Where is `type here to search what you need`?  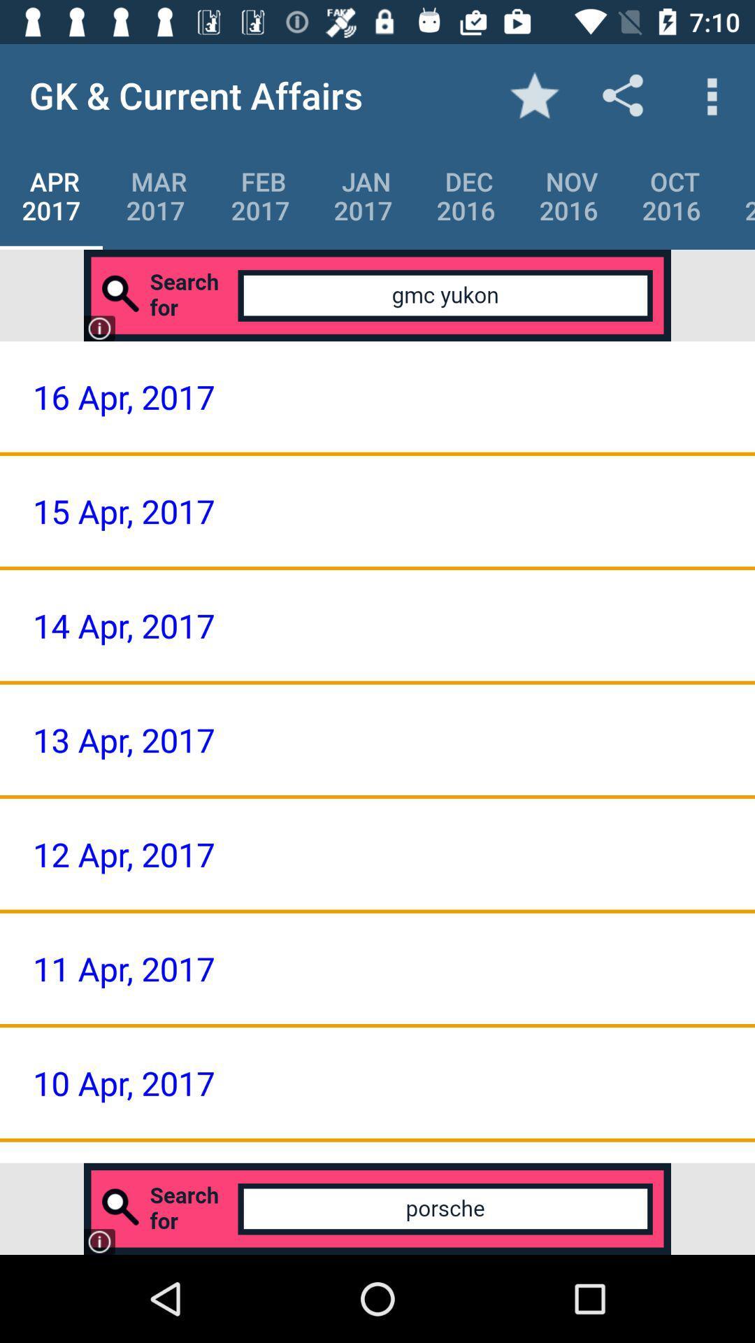
type here to search what you need is located at coordinates (377, 1208).